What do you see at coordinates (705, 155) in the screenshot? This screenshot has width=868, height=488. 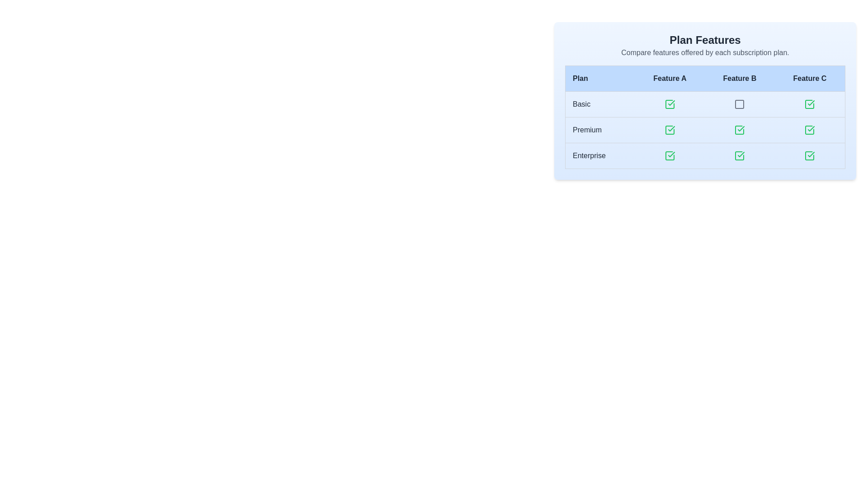 I see `the third row labeled 'Enterprise' in the pricing comparison table` at bounding box center [705, 155].